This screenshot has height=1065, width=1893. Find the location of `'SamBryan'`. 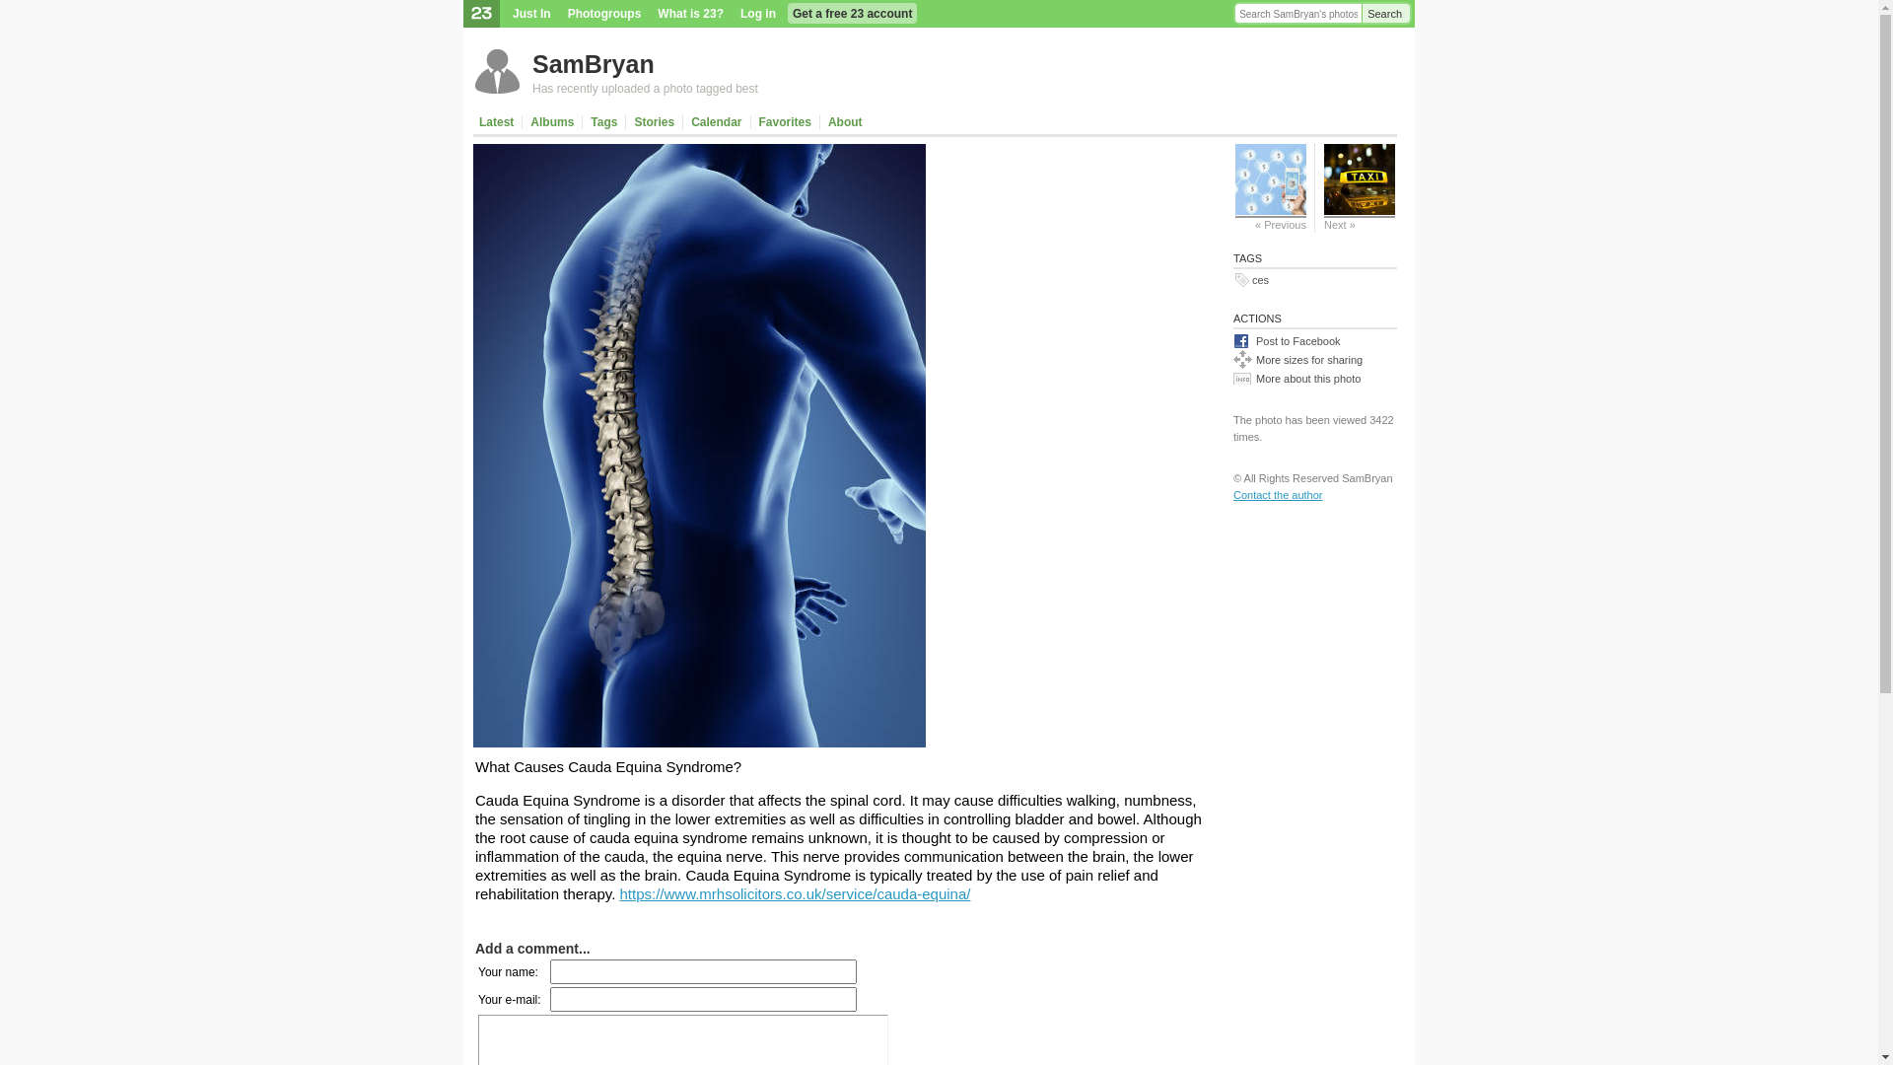

'SamBryan' is located at coordinates (592, 63).